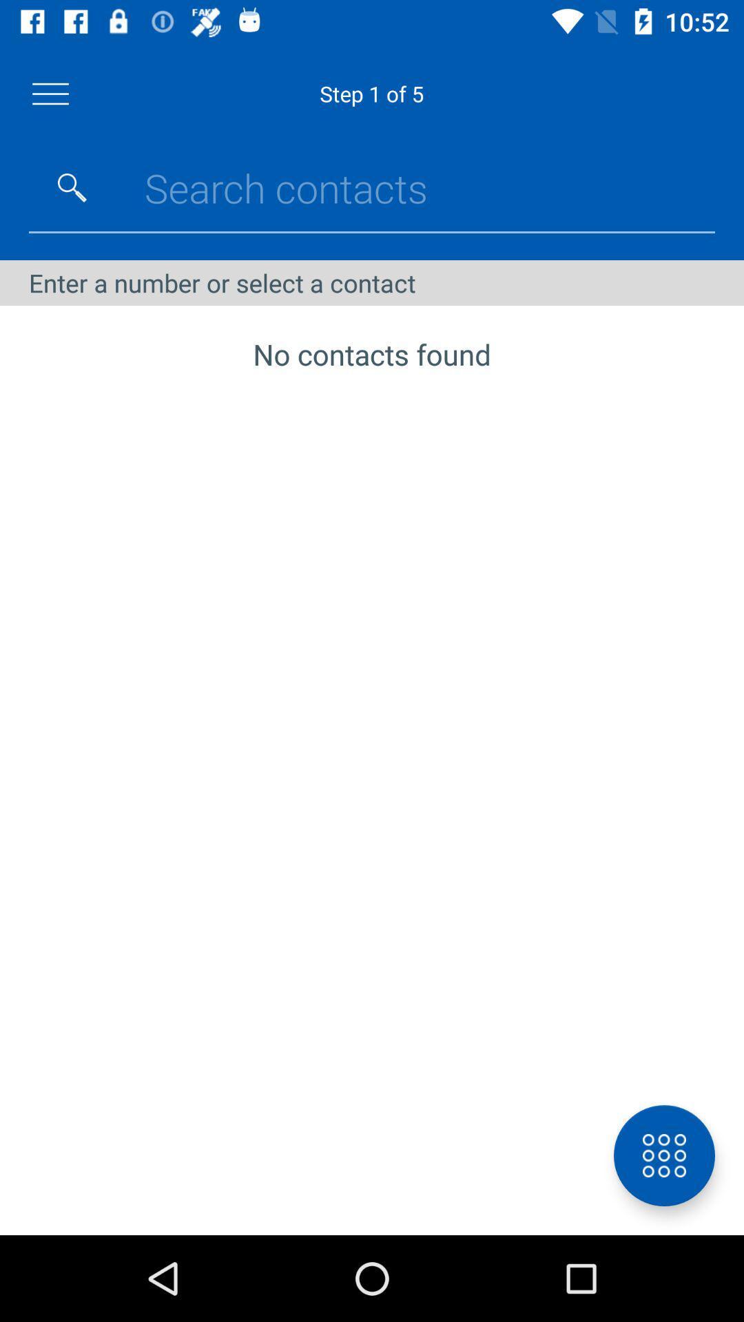 The height and width of the screenshot is (1322, 744). What do you see at coordinates (72, 187) in the screenshot?
I see `item to the left of the search contacts item` at bounding box center [72, 187].